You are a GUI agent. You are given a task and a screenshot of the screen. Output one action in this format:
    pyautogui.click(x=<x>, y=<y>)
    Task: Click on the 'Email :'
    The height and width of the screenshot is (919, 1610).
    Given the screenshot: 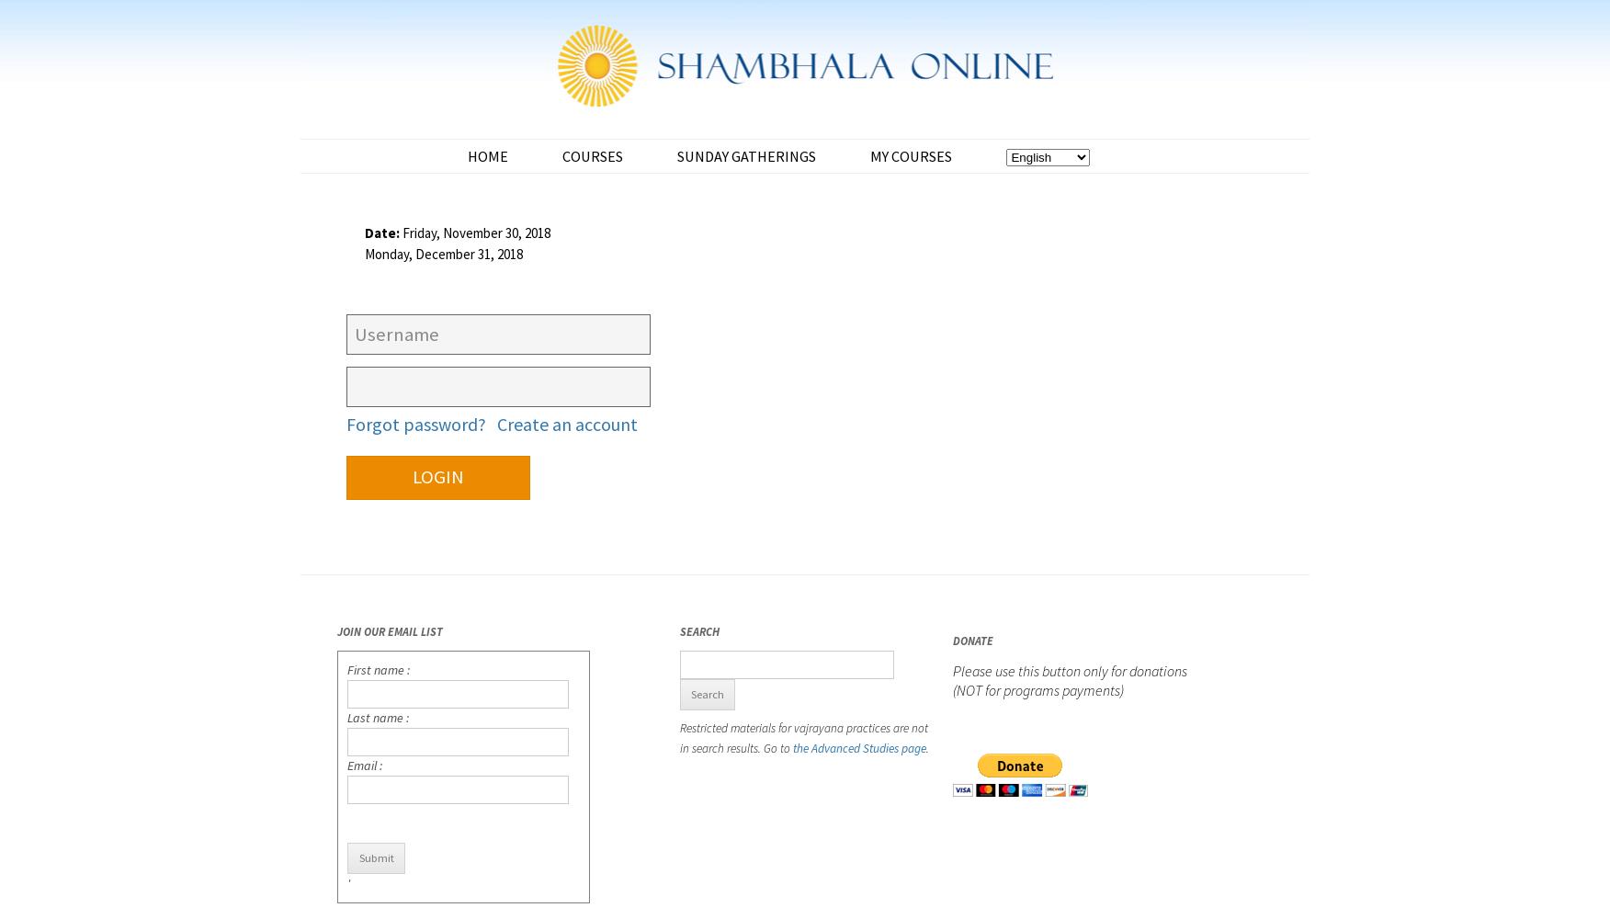 What is the action you would take?
    pyautogui.click(x=364, y=764)
    